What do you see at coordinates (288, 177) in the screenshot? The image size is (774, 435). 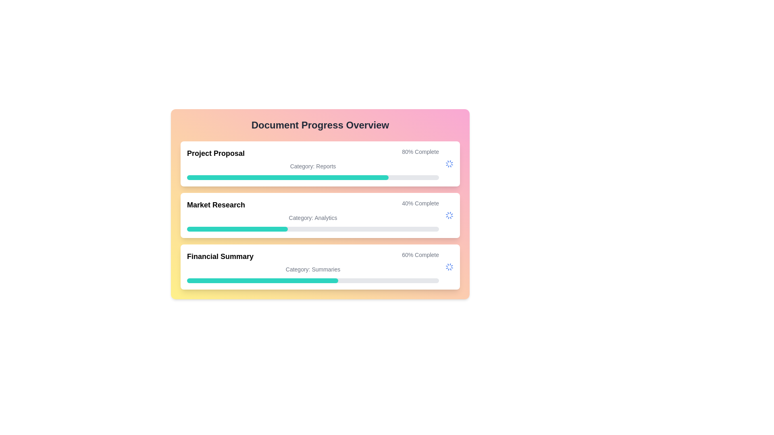 I see `the first progress bar within the 'Project Proposal' card in the vertically stacked list of progress indicators` at bounding box center [288, 177].